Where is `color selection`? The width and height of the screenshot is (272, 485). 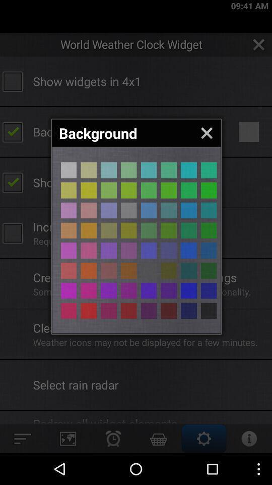 color selection is located at coordinates (208, 270).